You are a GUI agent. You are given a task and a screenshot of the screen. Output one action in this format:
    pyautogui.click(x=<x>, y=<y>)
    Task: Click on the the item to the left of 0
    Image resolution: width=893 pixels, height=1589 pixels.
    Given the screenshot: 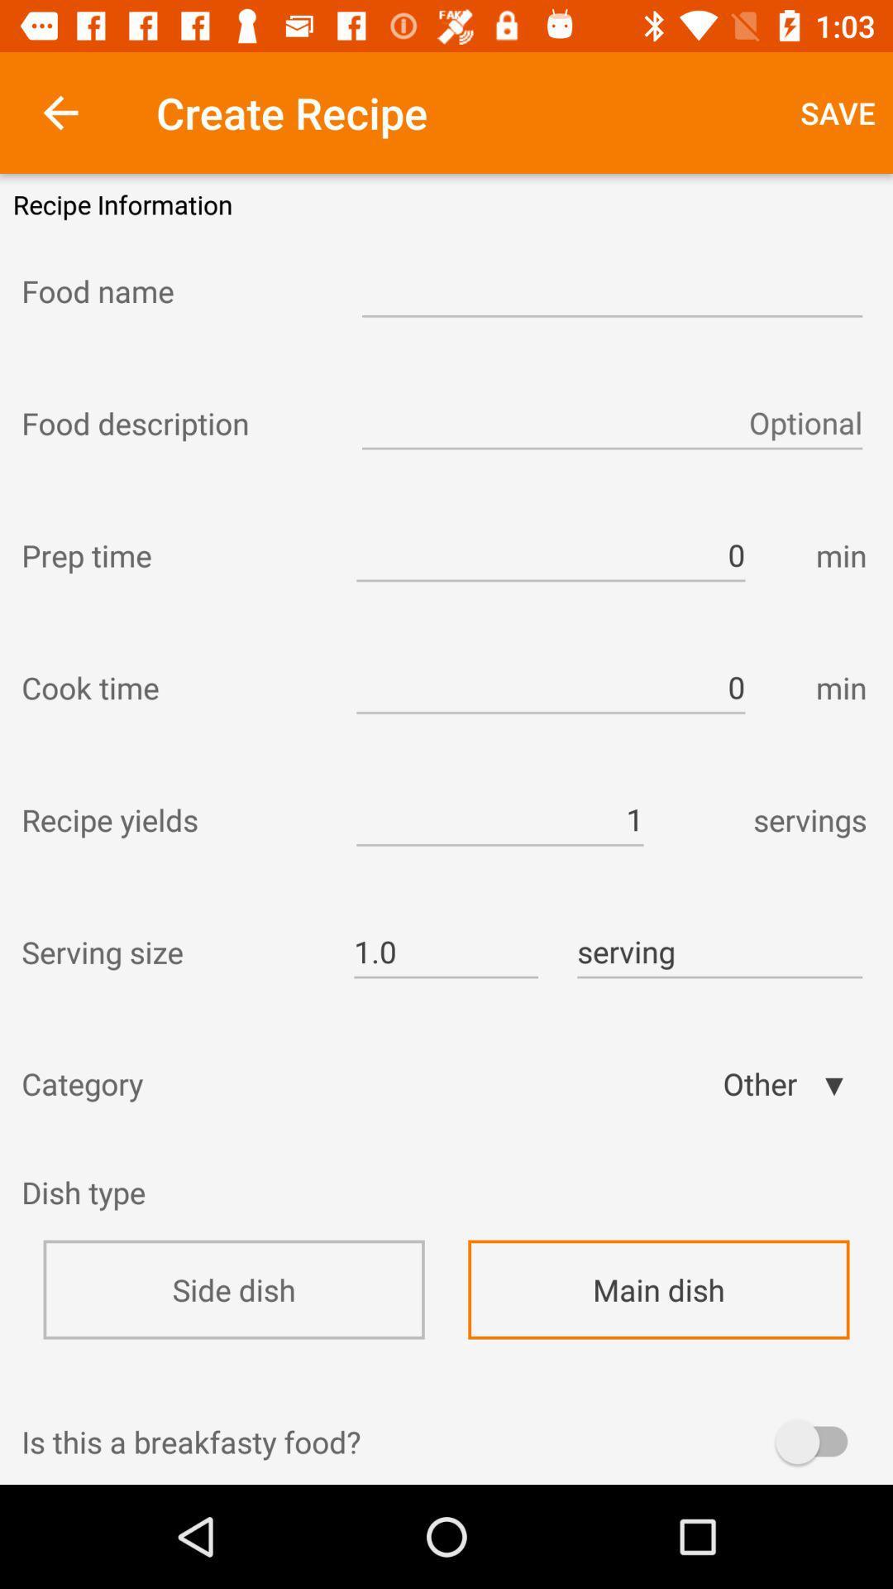 What is the action you would take?
    pyautogui.click(x=174, y=555)
    